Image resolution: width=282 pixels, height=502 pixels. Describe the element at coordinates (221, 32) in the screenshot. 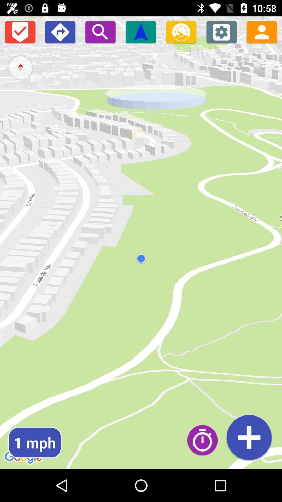

I see `see tools and options` at that location.